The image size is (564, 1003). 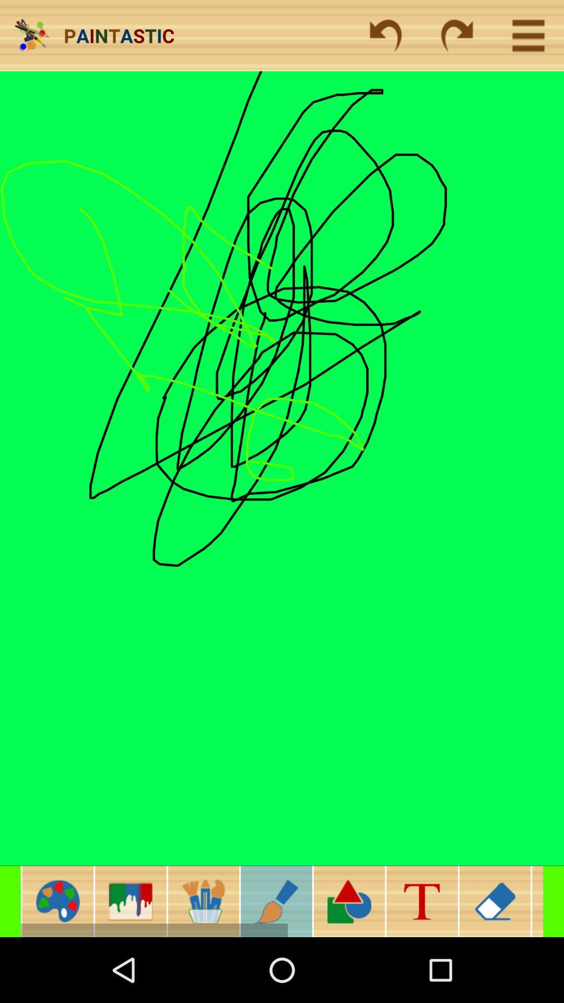 What do you see at coordinates (528, 36) in the screenshot?
I see `the menu icon` at bounding box center [528, 36].